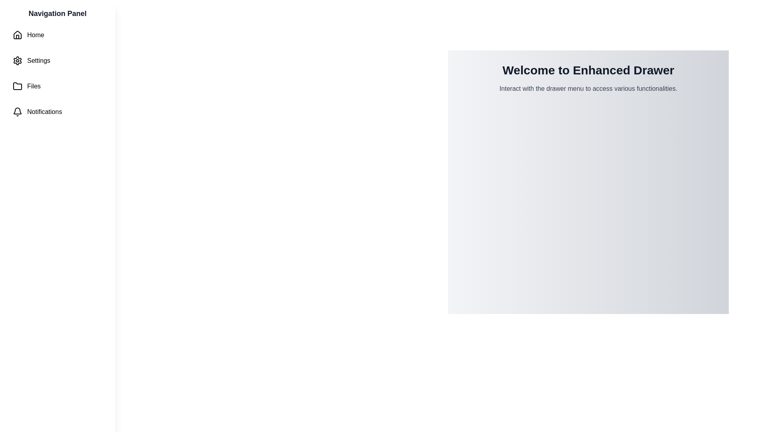 This screenshot has height=432, width=768. I want to click on the gear-shaped icon component located in the 'Settings' menu item of the vertical navigation panel, so click(17, 60).